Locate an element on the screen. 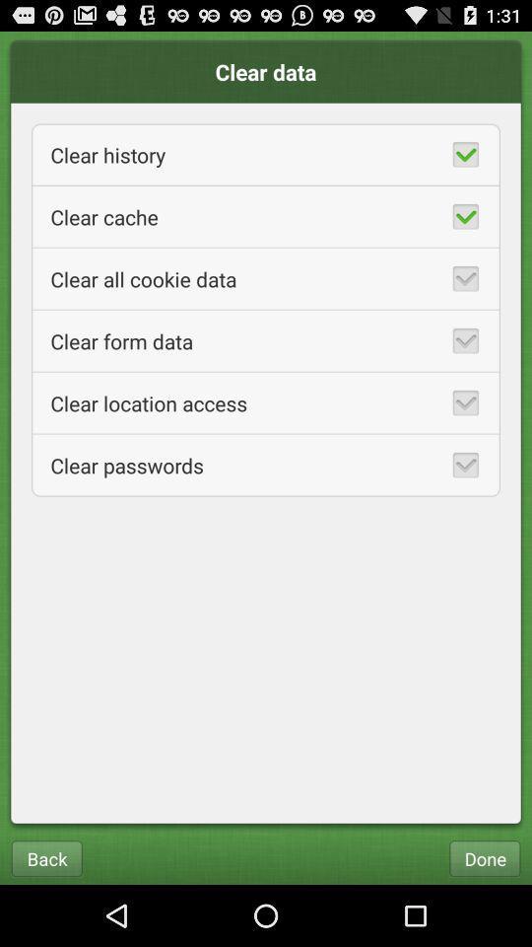  the clear location access item is located at coordinates (266, 401).